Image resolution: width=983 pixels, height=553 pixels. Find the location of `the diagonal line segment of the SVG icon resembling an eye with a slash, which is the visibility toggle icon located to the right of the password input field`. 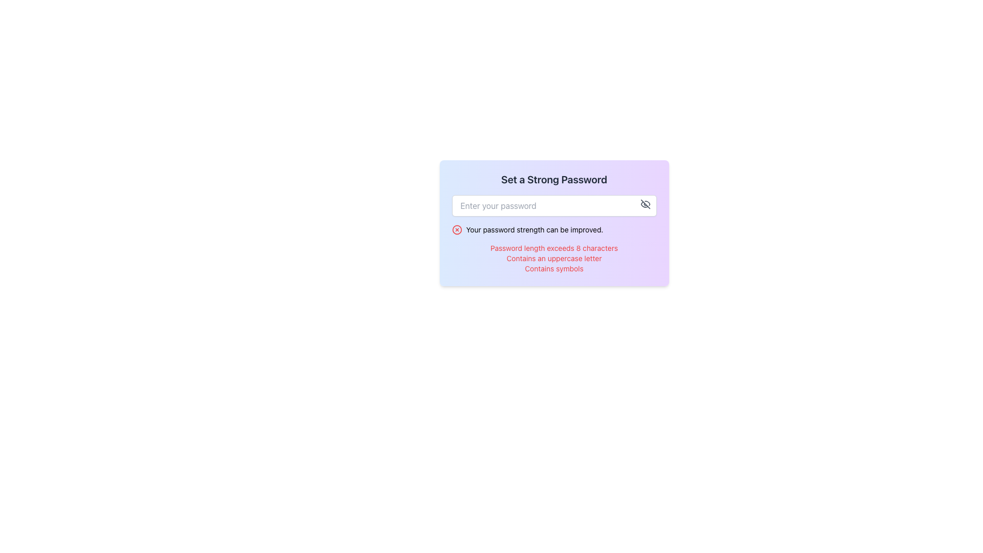

the diagonal line segment of the SVG icon resembling an eye with a slash, which is the visibility toggle icon located to the right of the password input field is located at coordinates (645, 204).